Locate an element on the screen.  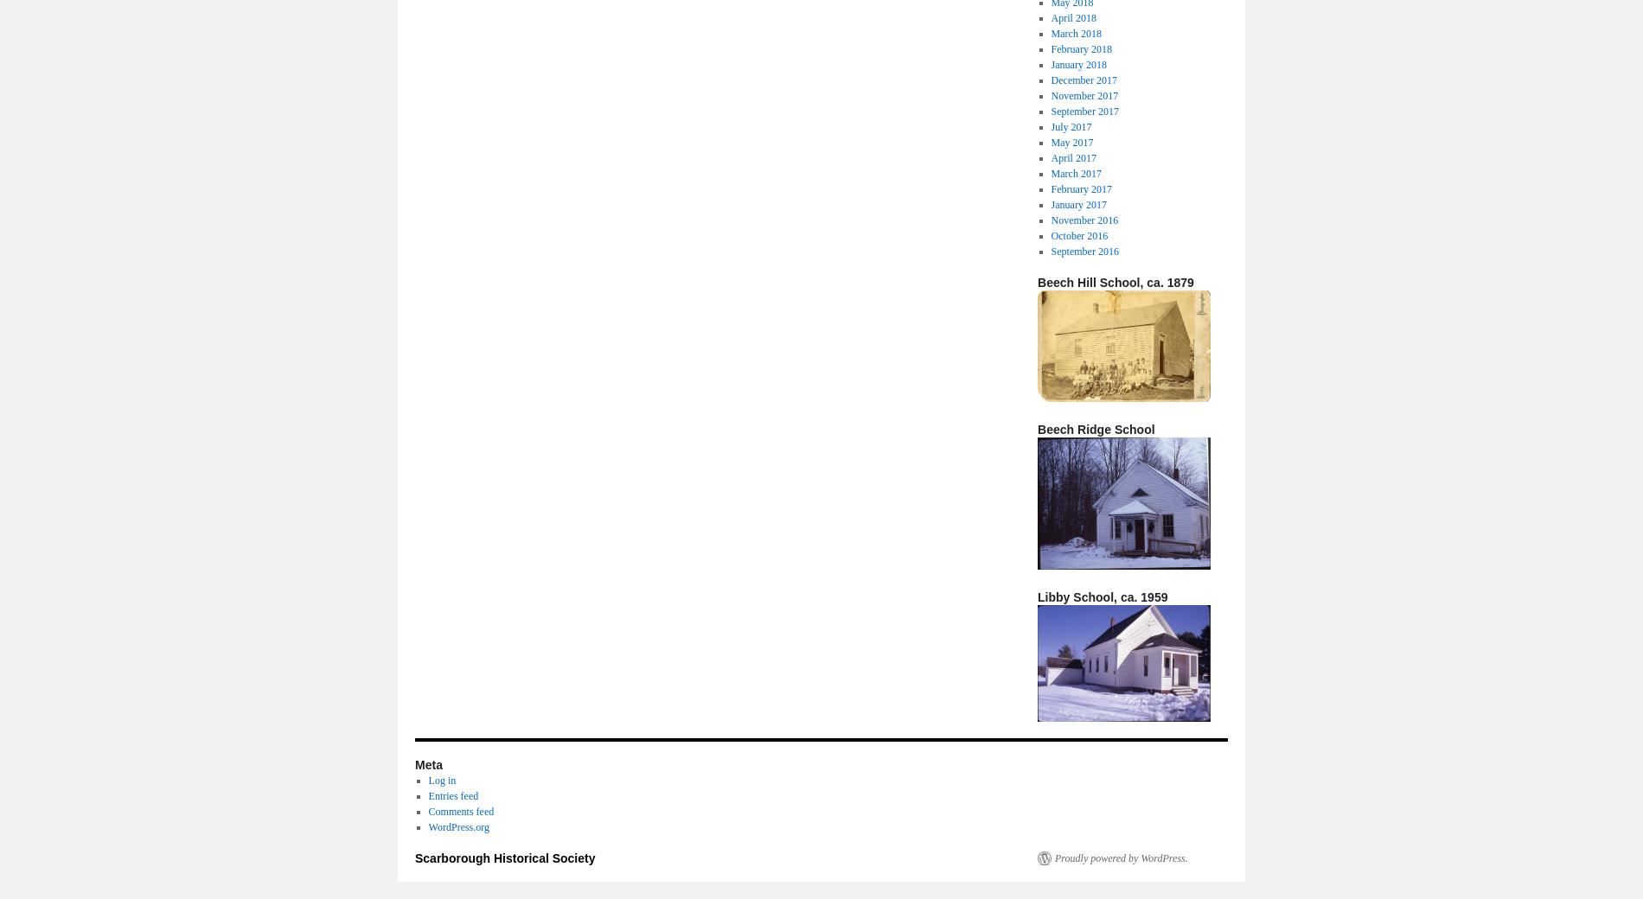
'Beech Ridge School' is located at coordinates (1095, 428).